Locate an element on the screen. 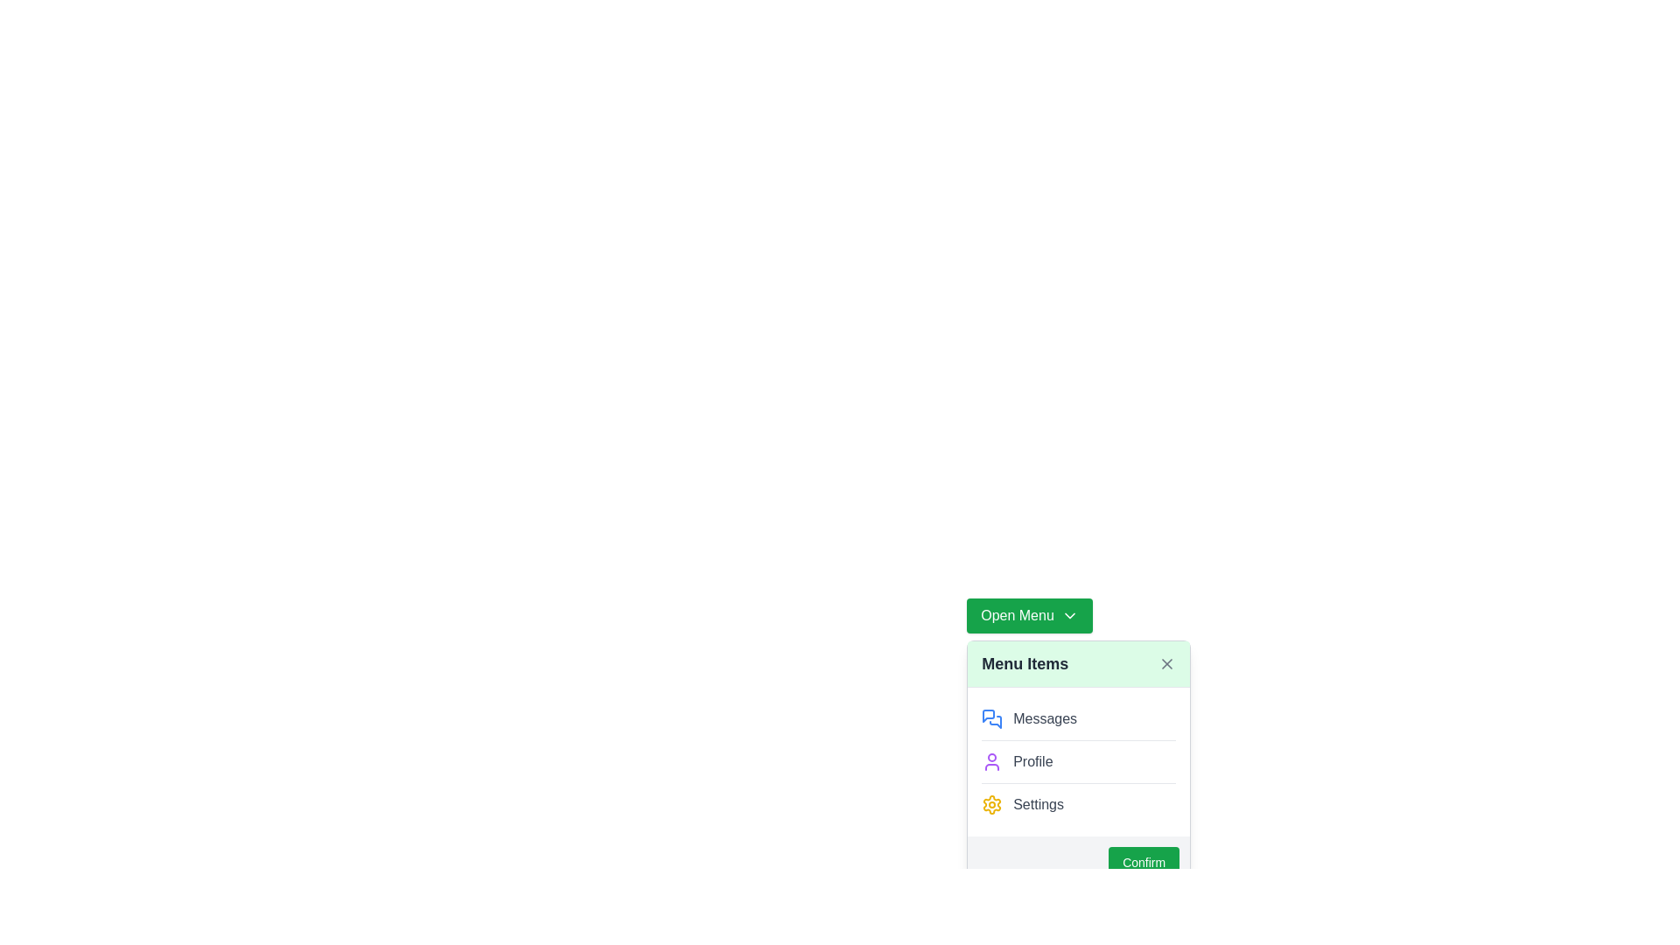 The width and height of the screenshot is (1680, 945). the 'Profile' text label which is styled in gray and located between the 'Messages' and 'Settings' entries in the menu list is located at coordinates (1032, 761).